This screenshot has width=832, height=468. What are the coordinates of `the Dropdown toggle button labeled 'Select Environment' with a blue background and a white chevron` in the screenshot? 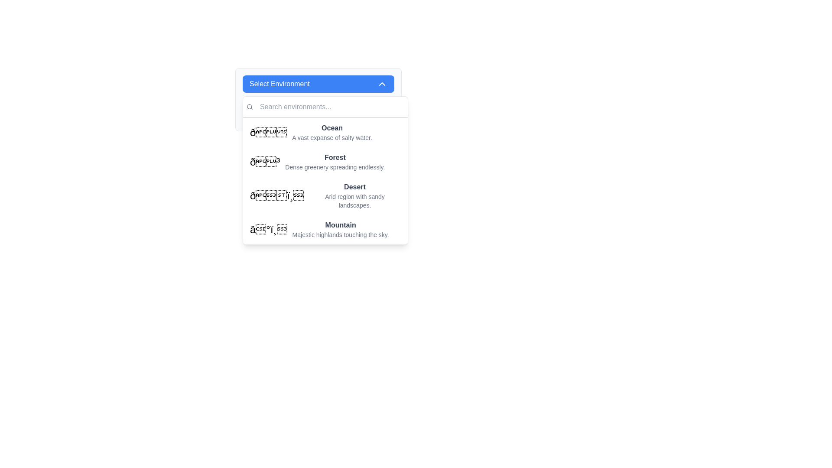 It's located at (318, 84).